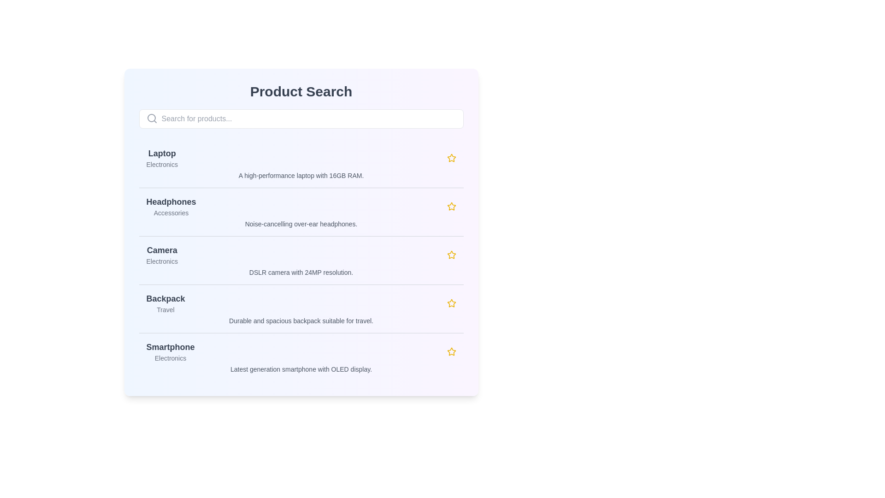 This screenshot has height=498, width=885. Describe the element at coordinates (451, 157) in the screenshot. I see `the first star icon filled with a golden-yellow color, outlined with a dark border, located to the right of the 'Laptop' item in the list` at that location.